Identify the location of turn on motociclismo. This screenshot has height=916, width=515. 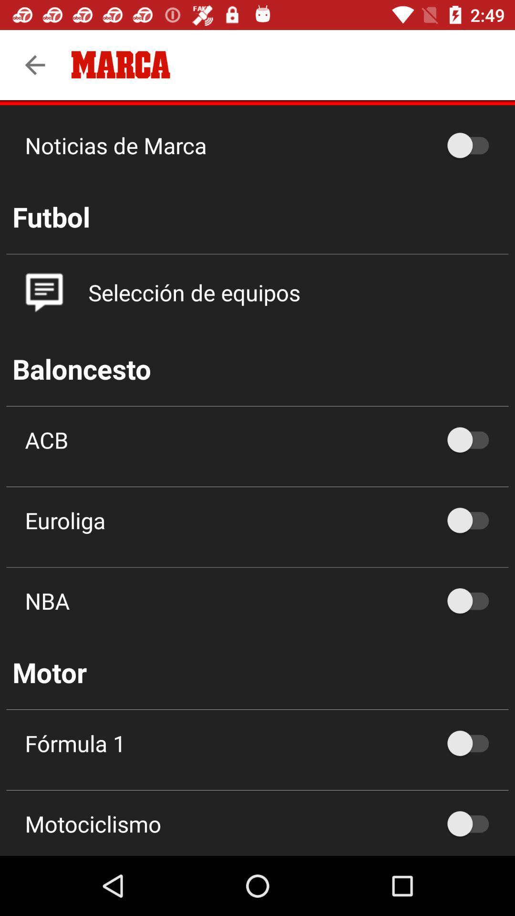
(473, 823).